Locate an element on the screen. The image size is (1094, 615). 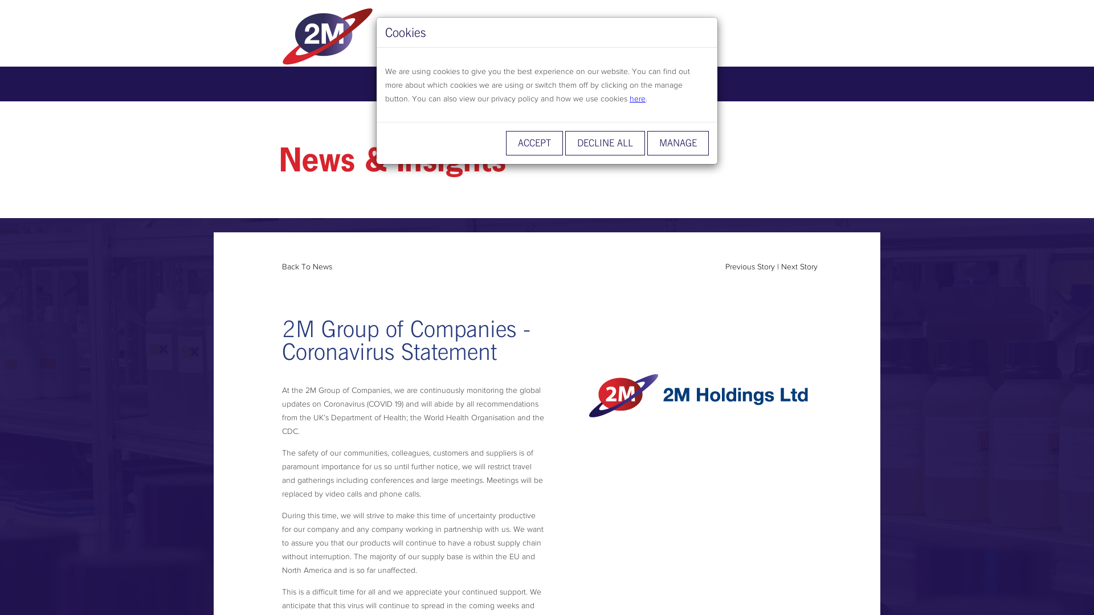
'CONTACT US' is located at coordinates (673, 83).